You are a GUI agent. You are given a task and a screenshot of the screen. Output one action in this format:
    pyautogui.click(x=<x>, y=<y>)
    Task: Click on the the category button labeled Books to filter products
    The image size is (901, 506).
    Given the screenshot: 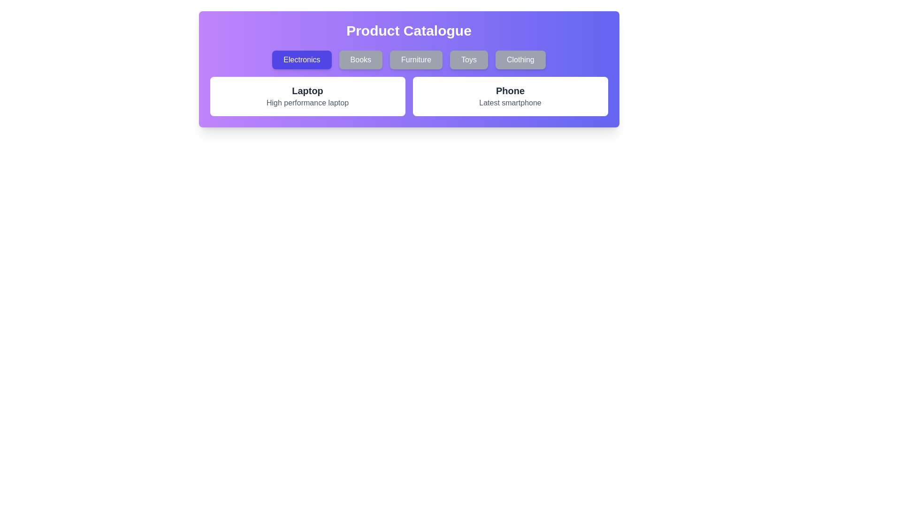 What is the action you would take?
    pyautogui.click(x=360, y=60)
    